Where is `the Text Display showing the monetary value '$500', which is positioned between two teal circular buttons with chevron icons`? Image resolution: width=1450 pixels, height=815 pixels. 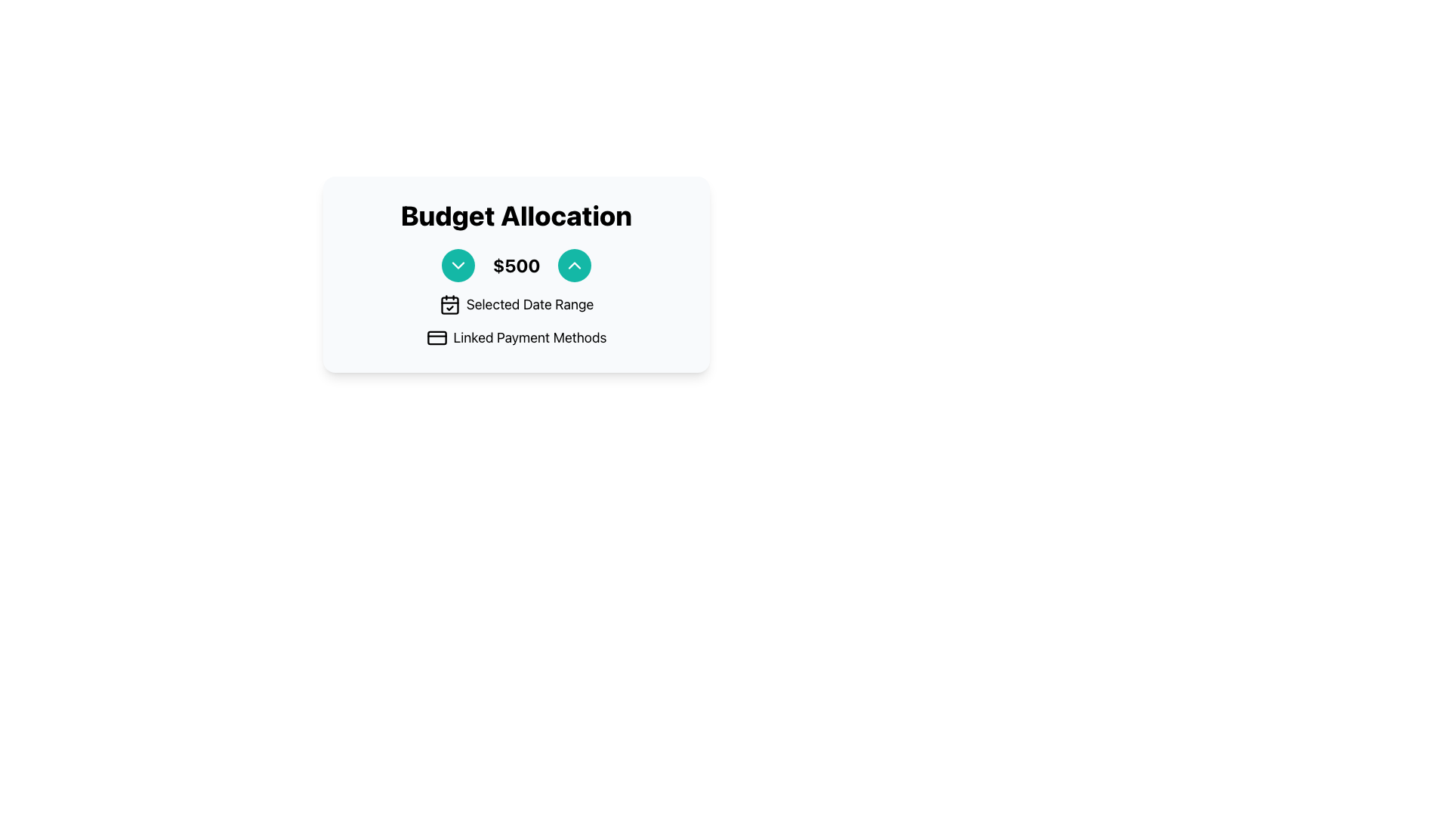 the Text Display showing the monetary value '$500', which is positioned between two teal circular buttons with chevron icons is located at coordinates (517, 264).